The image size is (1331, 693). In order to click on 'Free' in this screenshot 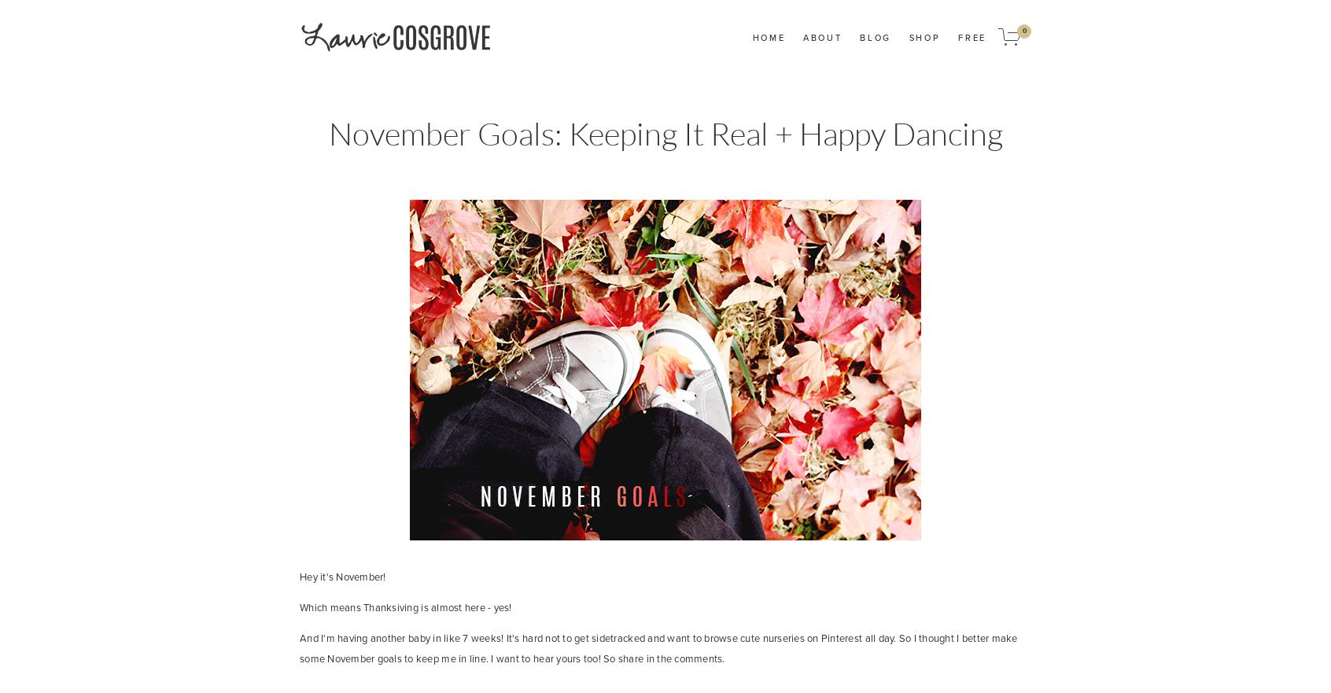, I will do `click(958, 36)`.